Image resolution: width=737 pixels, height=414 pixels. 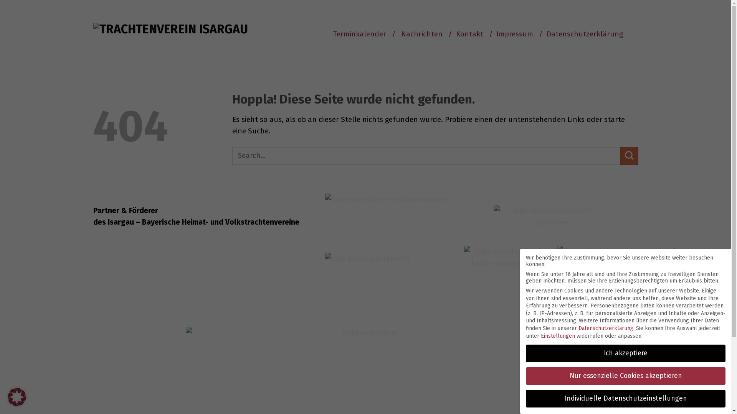 I want to click on 'Einstellungen', so click(x=540, y=335).